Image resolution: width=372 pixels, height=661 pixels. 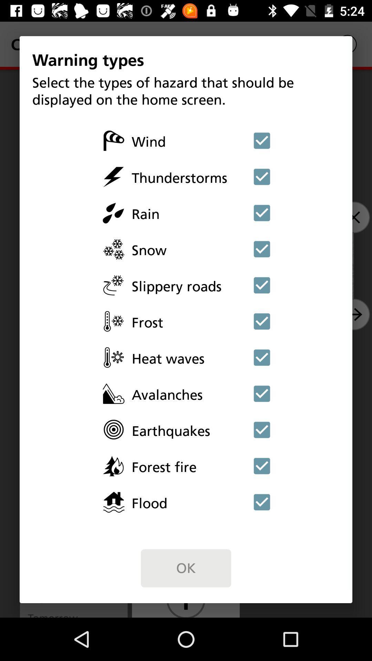 I want to click on hazard type, so click(x=262, y=502).